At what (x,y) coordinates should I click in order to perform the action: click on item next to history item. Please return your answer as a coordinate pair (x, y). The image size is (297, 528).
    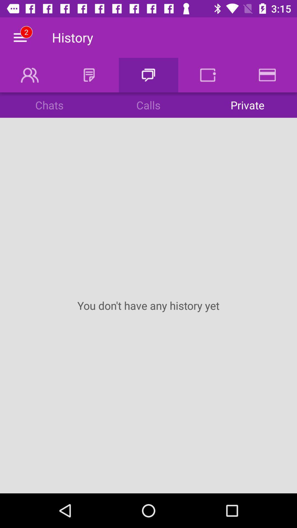
    Looking at the image, I should click on (20, 37).